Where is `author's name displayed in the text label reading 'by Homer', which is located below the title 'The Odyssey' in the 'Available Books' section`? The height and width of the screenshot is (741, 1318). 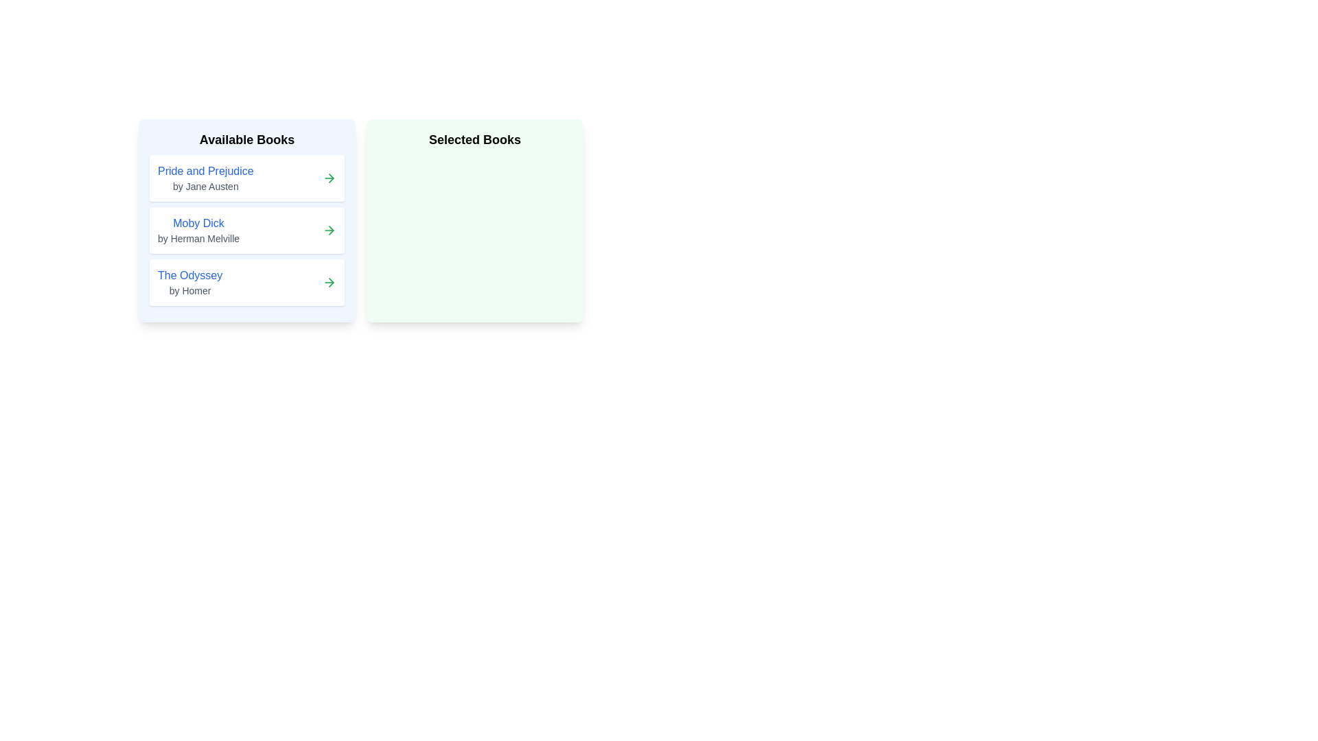
author's name displayed in the text label reading 'by Homer', which is located below the title 'The Odyssey' in the 'Available Books' section is located at coordinates (189, 290).